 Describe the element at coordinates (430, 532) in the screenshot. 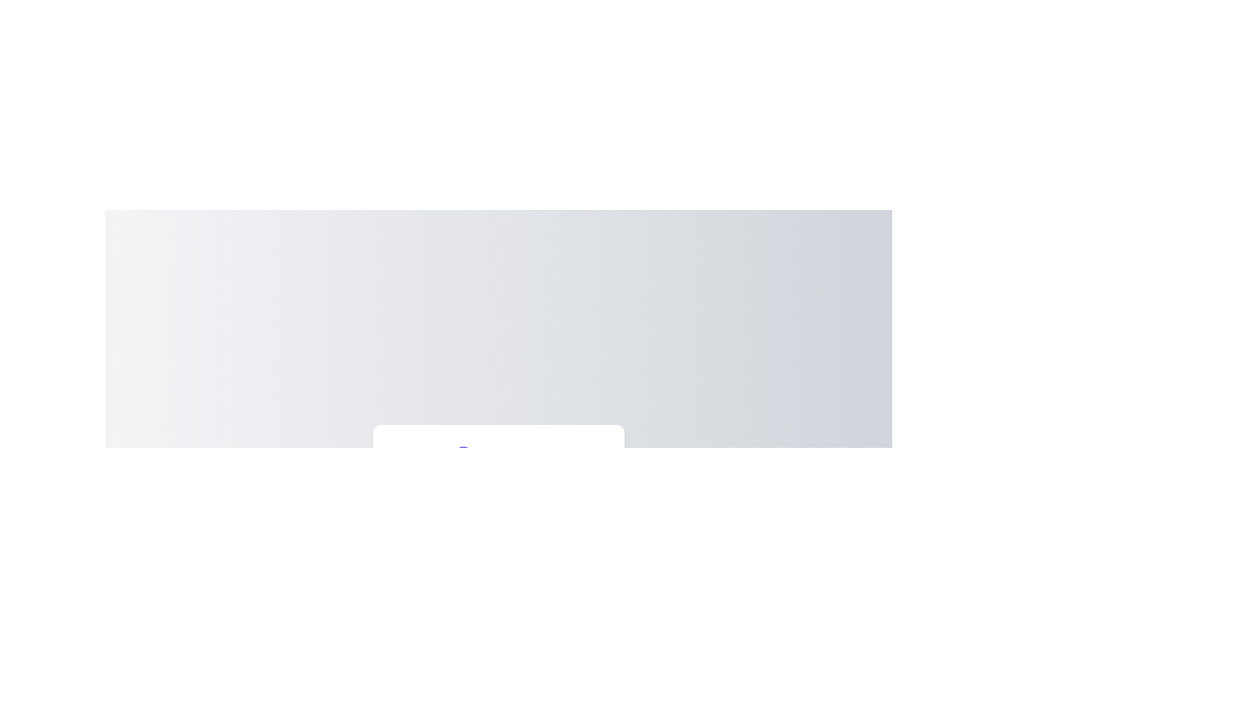

I see `the slider to set the color intensity to 12` at that location.